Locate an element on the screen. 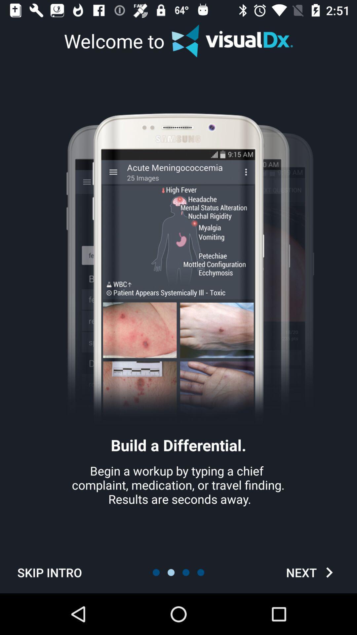 The height and width of the screenshot is (635, 357). the item at the bottom right corner is located at coordinates (312, 572).